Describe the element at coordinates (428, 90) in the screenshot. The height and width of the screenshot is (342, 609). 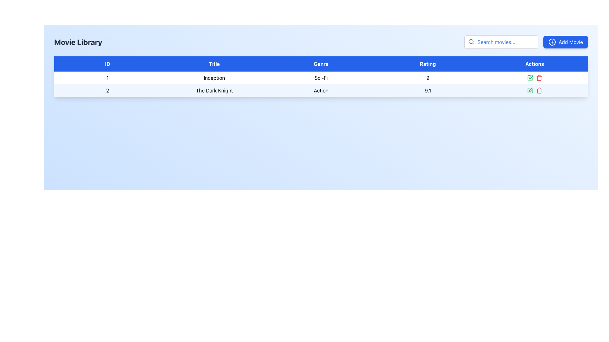
I see `the static read-only label displaying the rating score in the second row of the table under the 'Rating' column` at that location.